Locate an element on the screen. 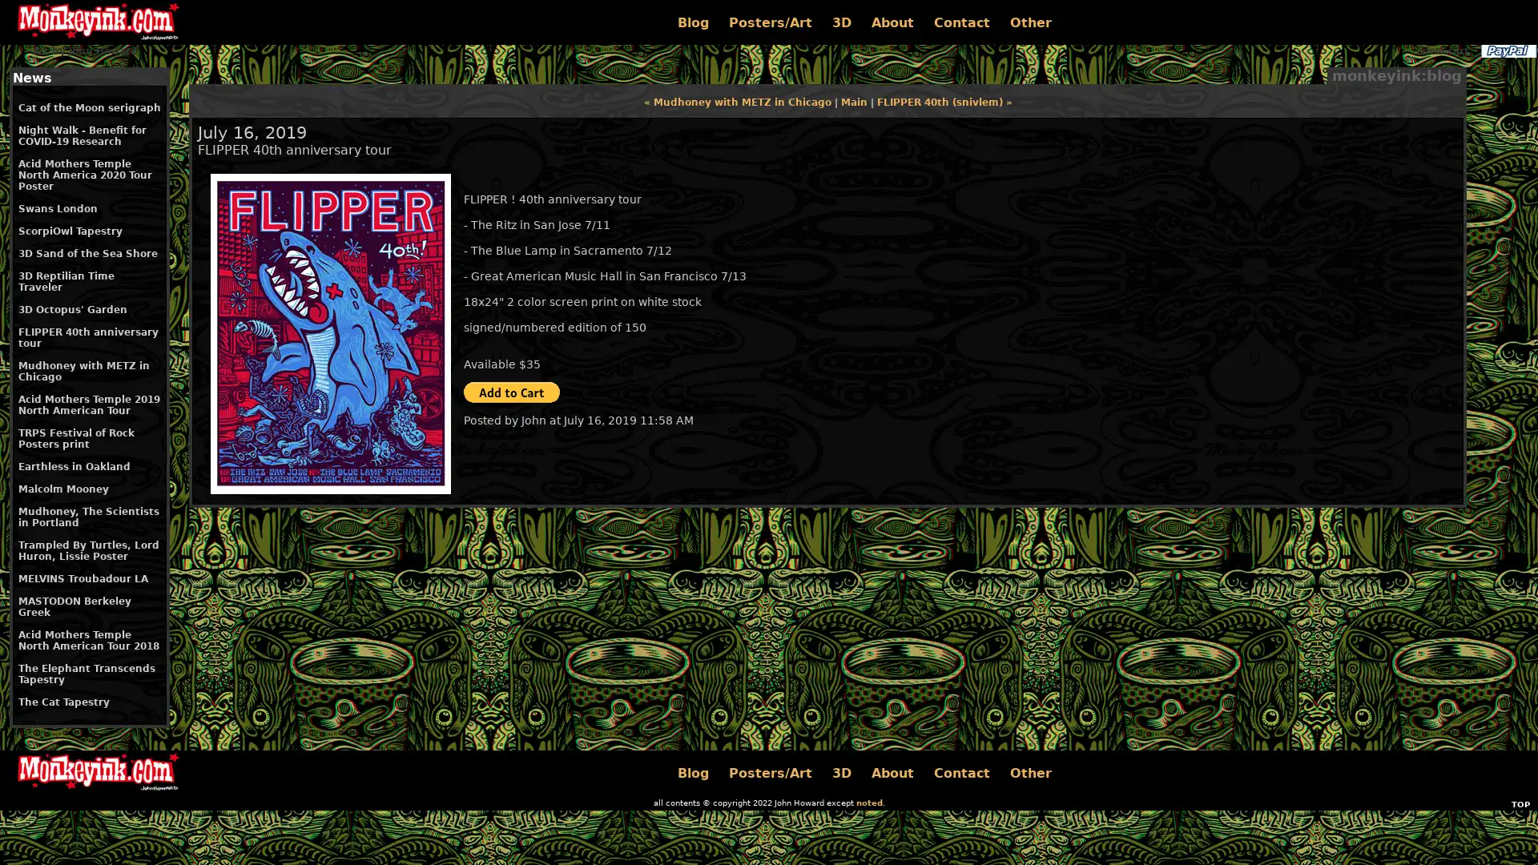  PayPal - The safer, easier way to pay online! is located at coordinates (510, 392).